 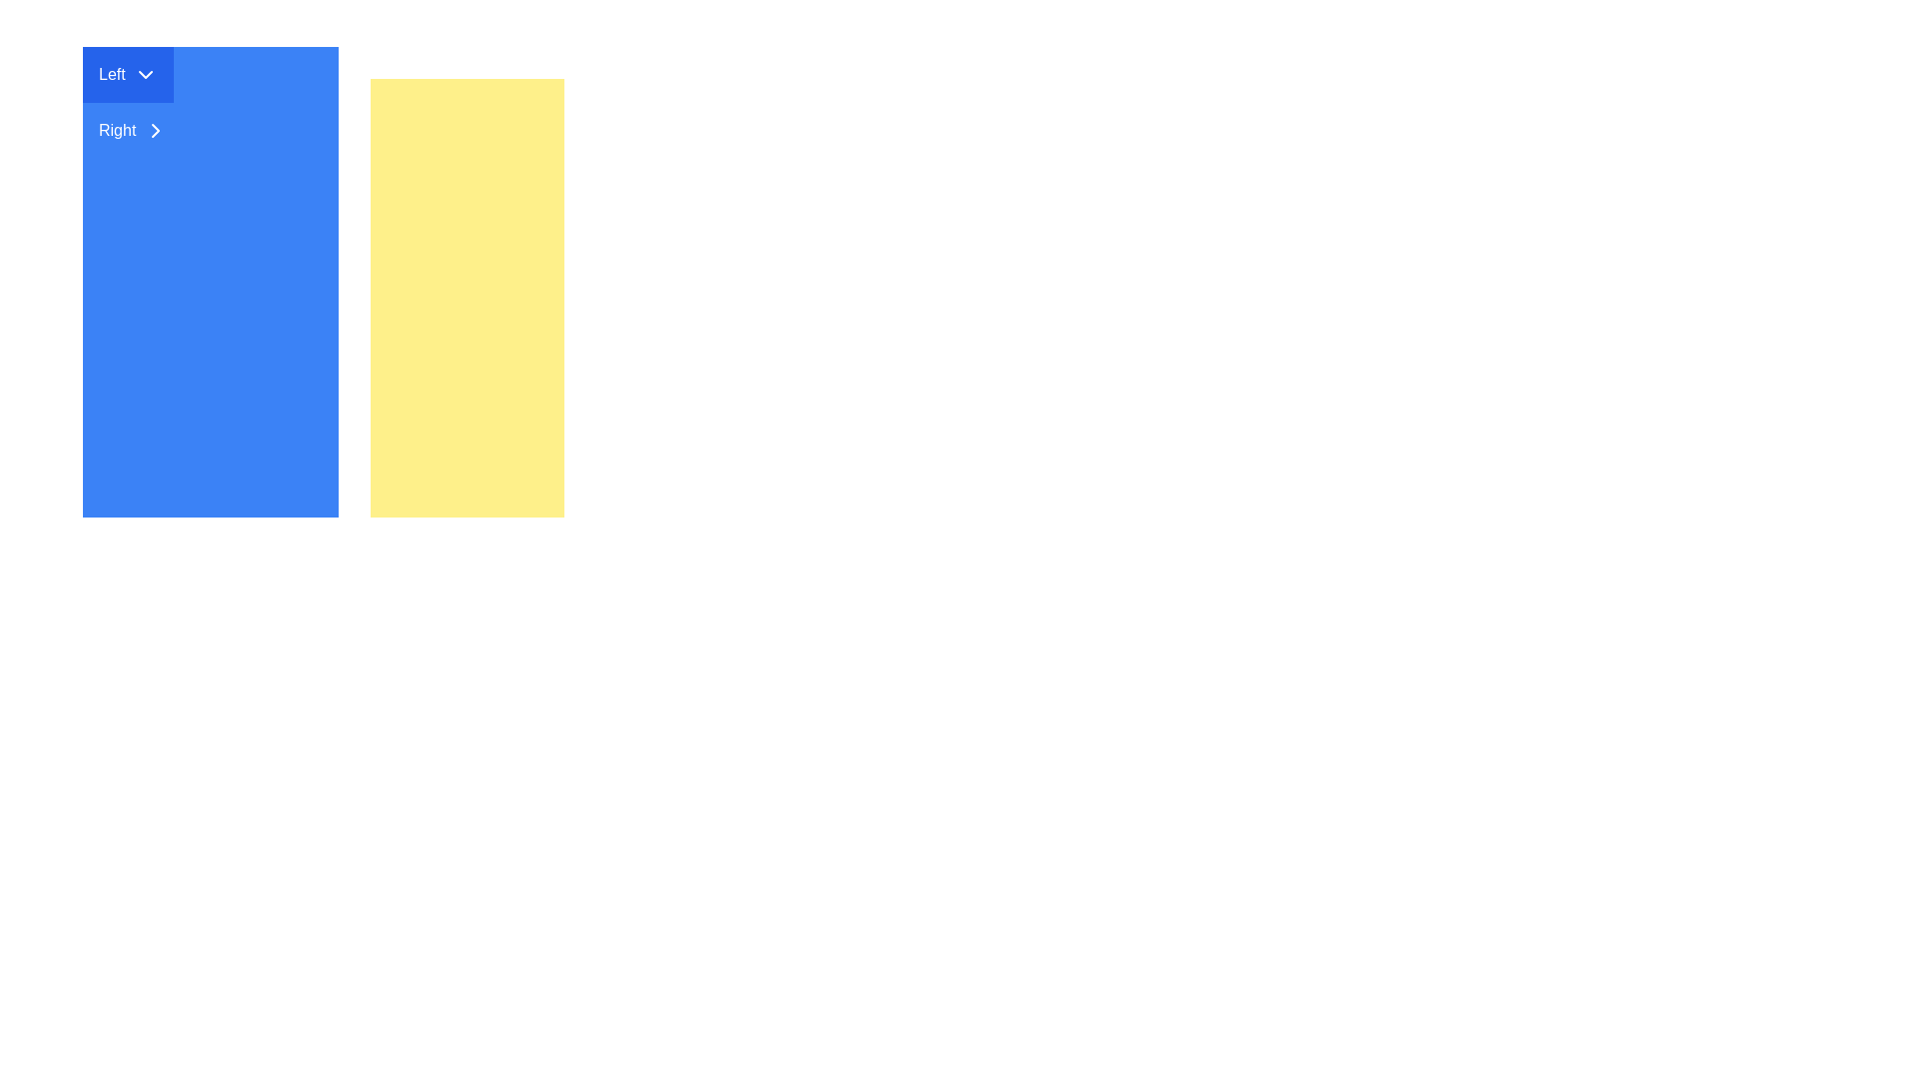 I want to click on the text label 'LEFT' styled in bold, capitalized font on a blue background, located to the left of the downward-pointing chevron icon, so click(x=111, y=73).